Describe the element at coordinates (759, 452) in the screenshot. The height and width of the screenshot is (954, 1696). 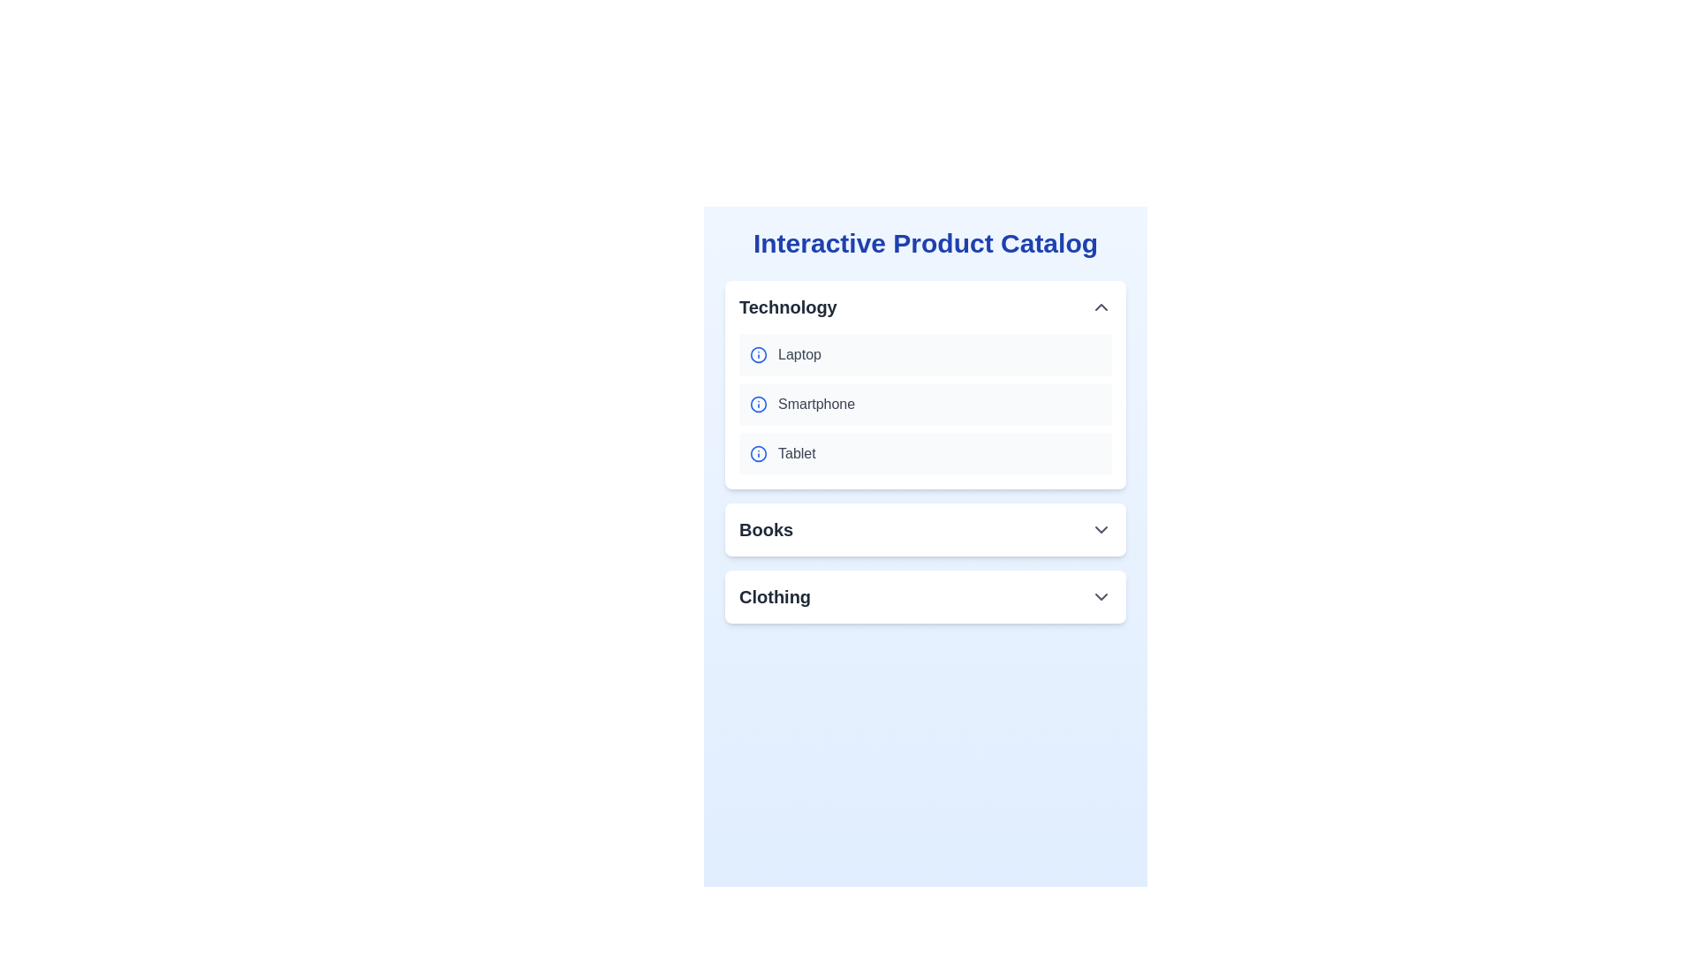
I see `the circular blue outlined icon associated with the label 'Tablet', which is positioned to the left of the text` at that location.